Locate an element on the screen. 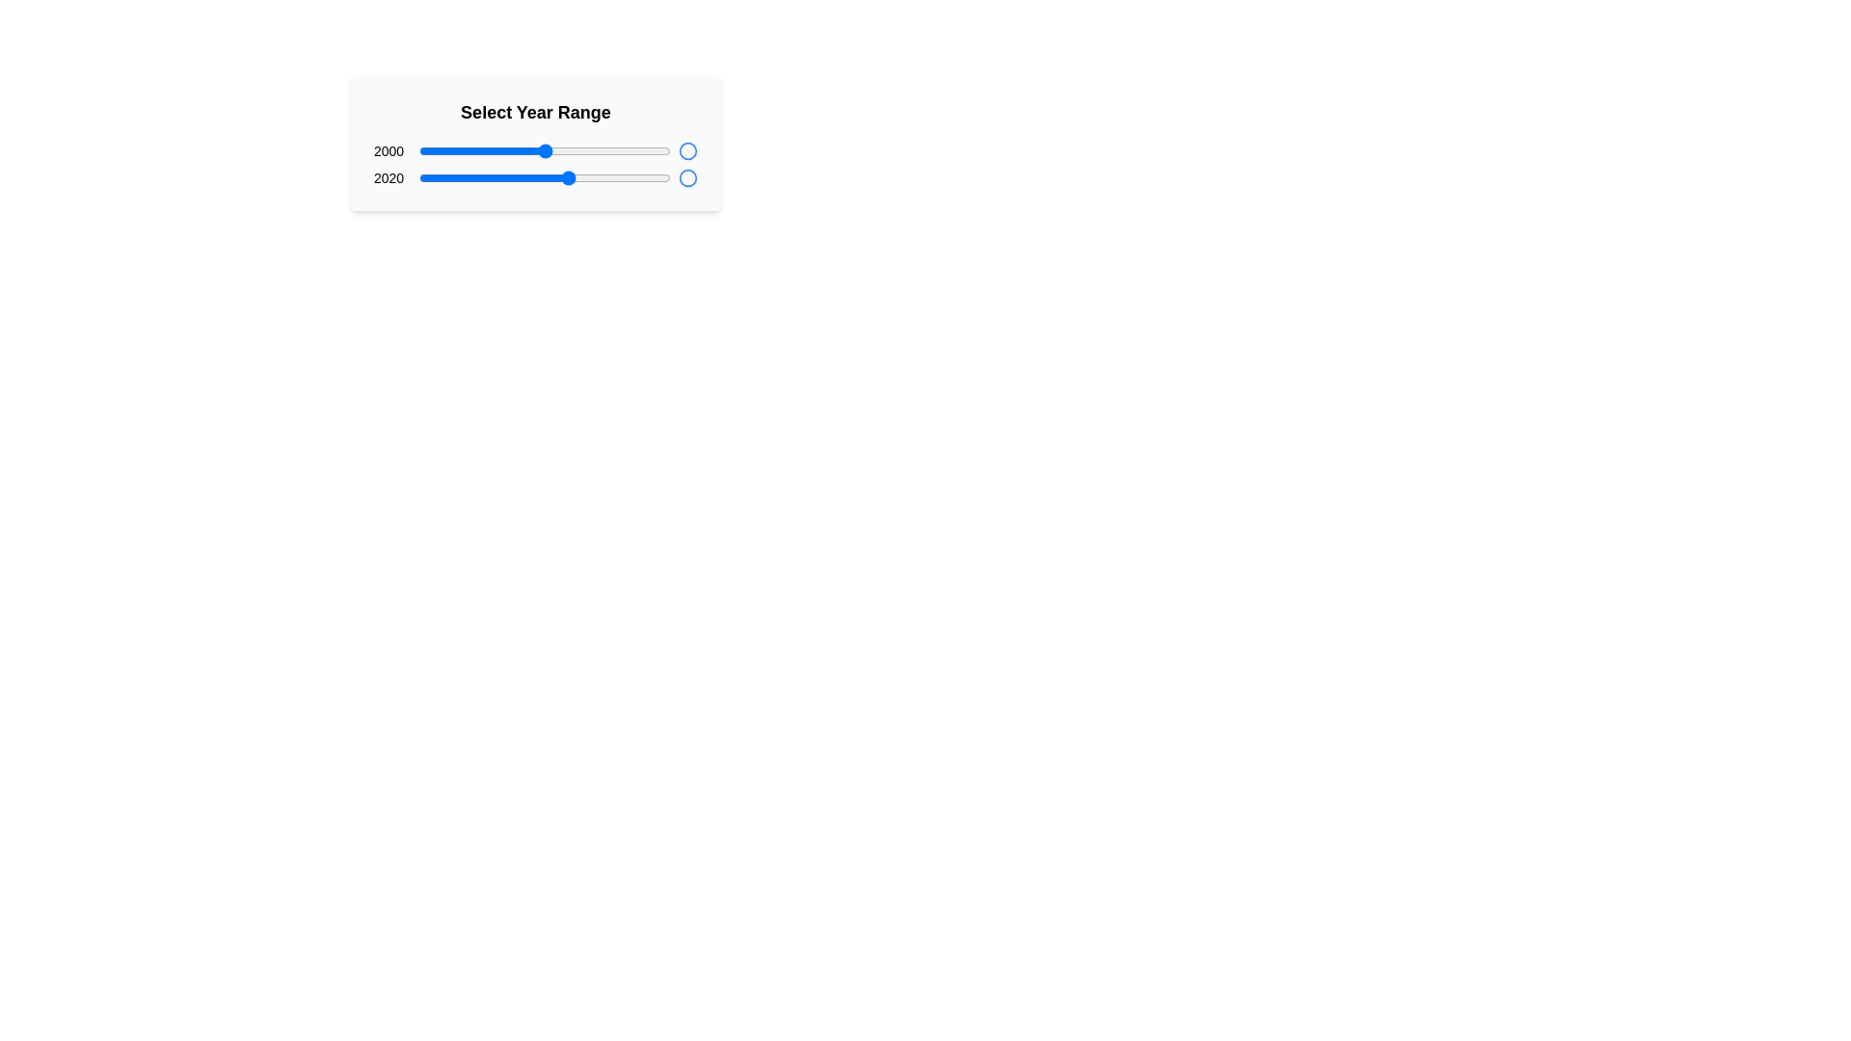 The width and height of the screenshot is (1851, 1041). the Label displaying '2000', which is located prominently at the left side of the year range panel, aligned with the year range slider is located at coordinates (388, 150).